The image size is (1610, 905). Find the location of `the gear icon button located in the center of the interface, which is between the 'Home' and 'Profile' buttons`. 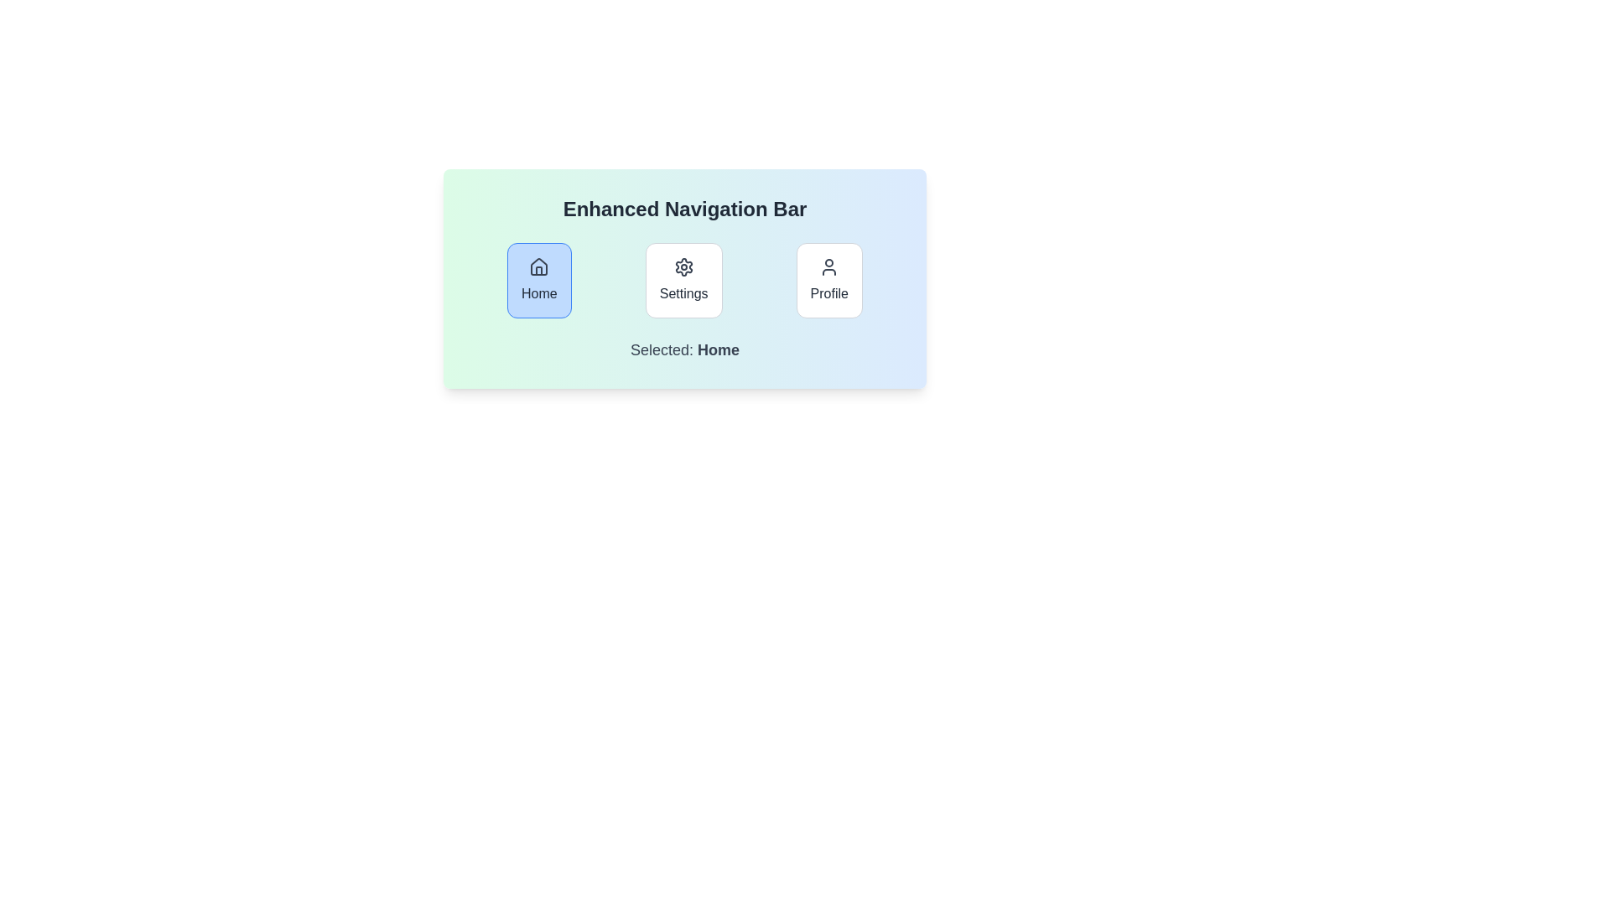

the gear icon button located in the center of the interface, which is between the 'Home' and 'Profile' buttons is located at coordinates (683, 266).